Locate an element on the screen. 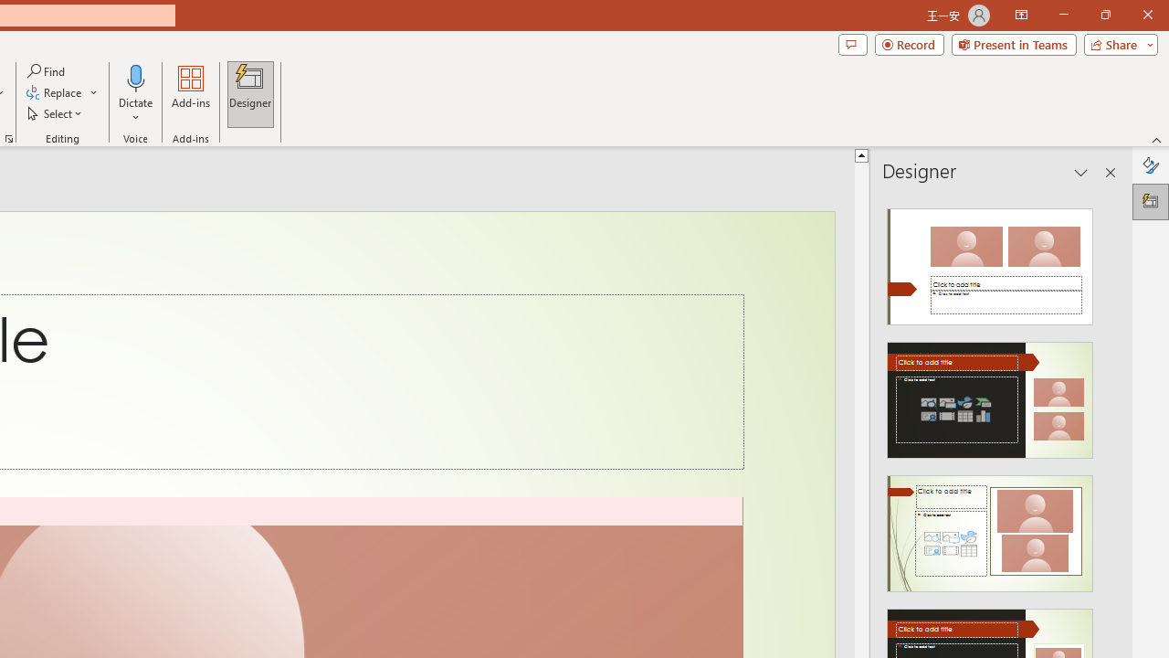  'Designer' is located at coordinates (249, 94).